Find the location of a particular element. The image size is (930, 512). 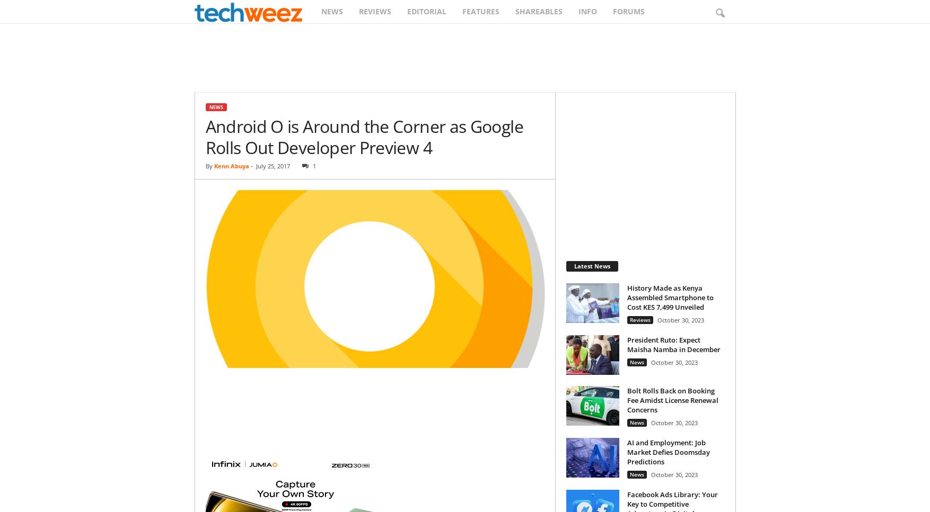

'Android O is Around the Corner as Google Rolls Out Developer Preview 4' is located at coordinates (363, 137).